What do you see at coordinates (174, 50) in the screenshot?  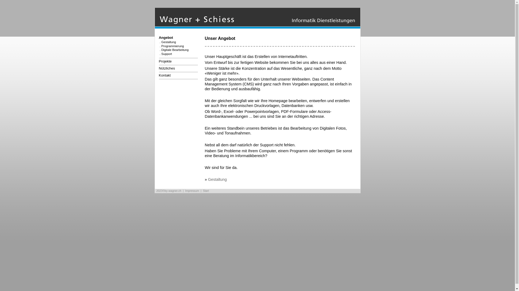 I see `'. Digitale Bearbeitung'` at bounding box center [174, 50].